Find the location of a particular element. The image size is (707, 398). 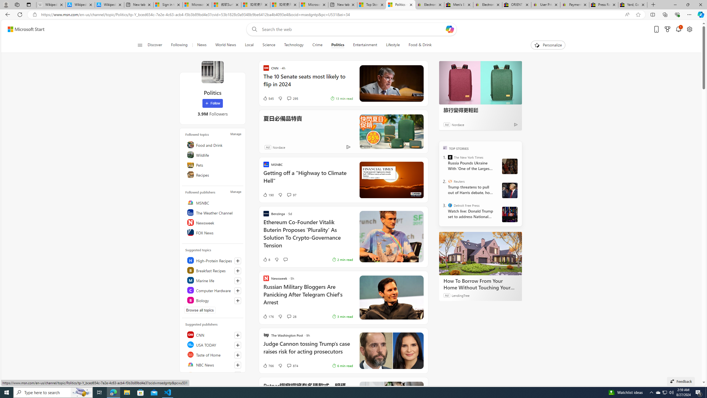

'USA TODAY' is located at coordinates (213, 344).